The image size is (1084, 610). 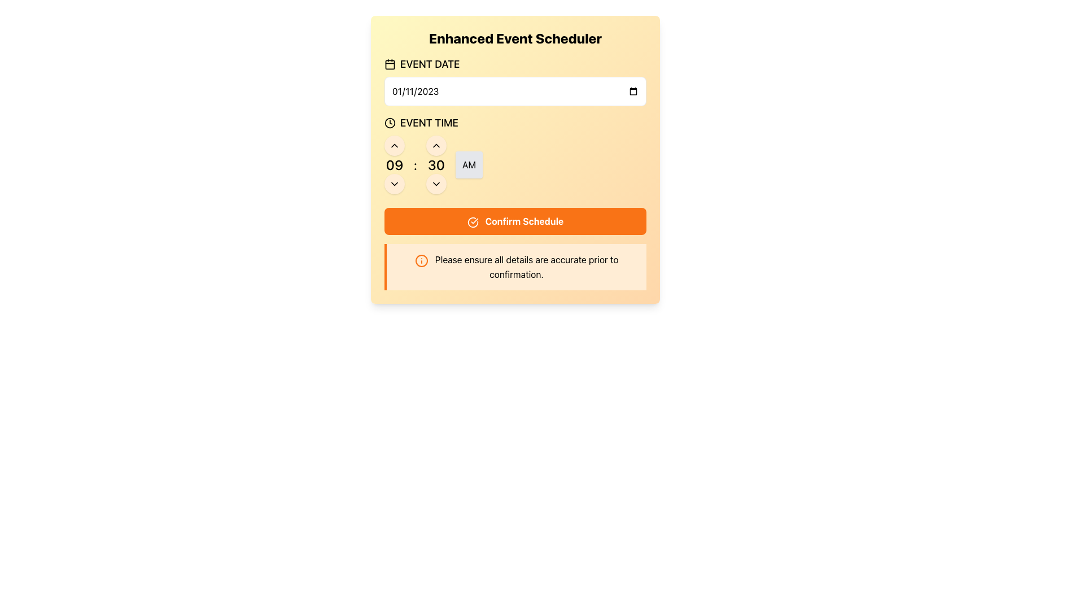 What do you see at coordinates (421, 260) in the screenshot?
I see `the circular orange information icon with a stylized 'i' inside, located in the warning box at the bottom left of the form` at bounding box center [421, 260].